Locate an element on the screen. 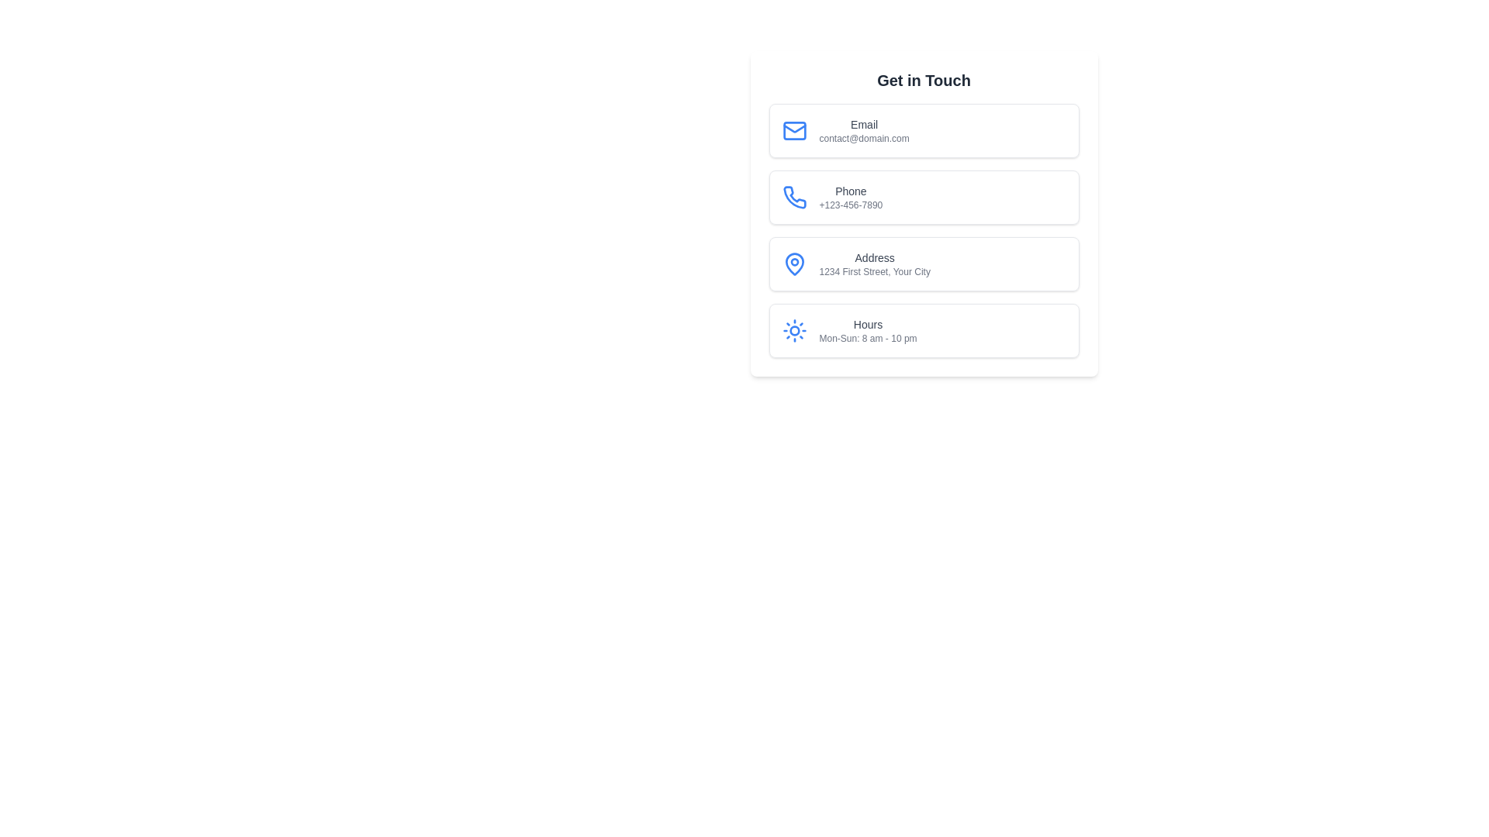  the 'Phone' icon located to the left of the text '+123-456-7890' in the second item of a vertically arranged list is located at coordinates (794, 196).